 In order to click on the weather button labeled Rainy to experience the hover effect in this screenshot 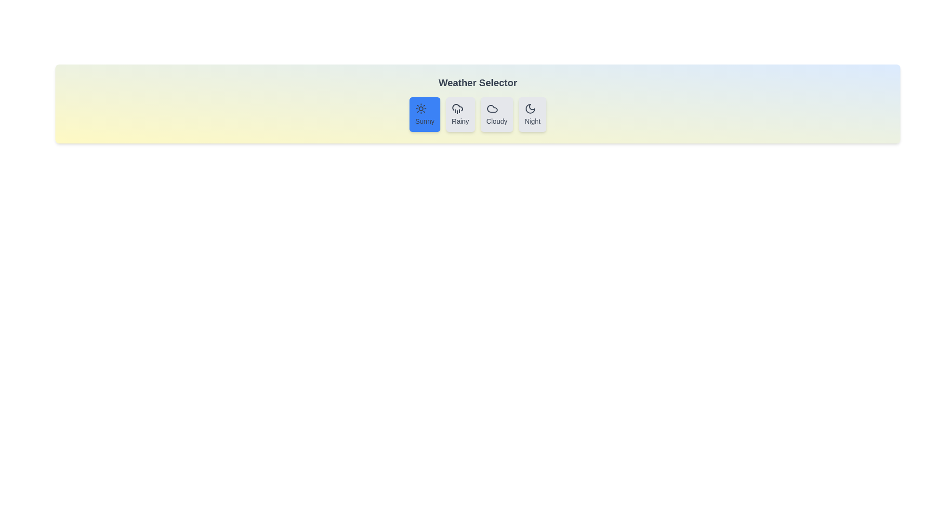, I will do `click(460, 114)`.